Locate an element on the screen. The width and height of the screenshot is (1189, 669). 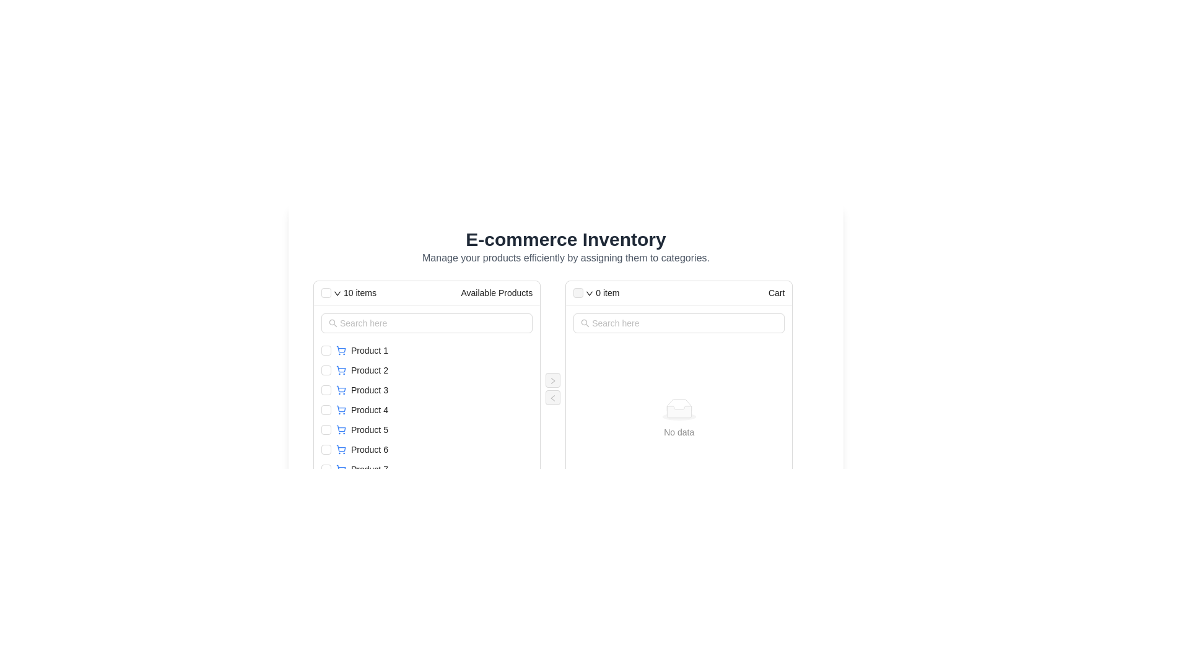
the search icon located on the left side of the input box in the 'Cart' panel, which indicates the search functionality is located at coordinates (585, 322).